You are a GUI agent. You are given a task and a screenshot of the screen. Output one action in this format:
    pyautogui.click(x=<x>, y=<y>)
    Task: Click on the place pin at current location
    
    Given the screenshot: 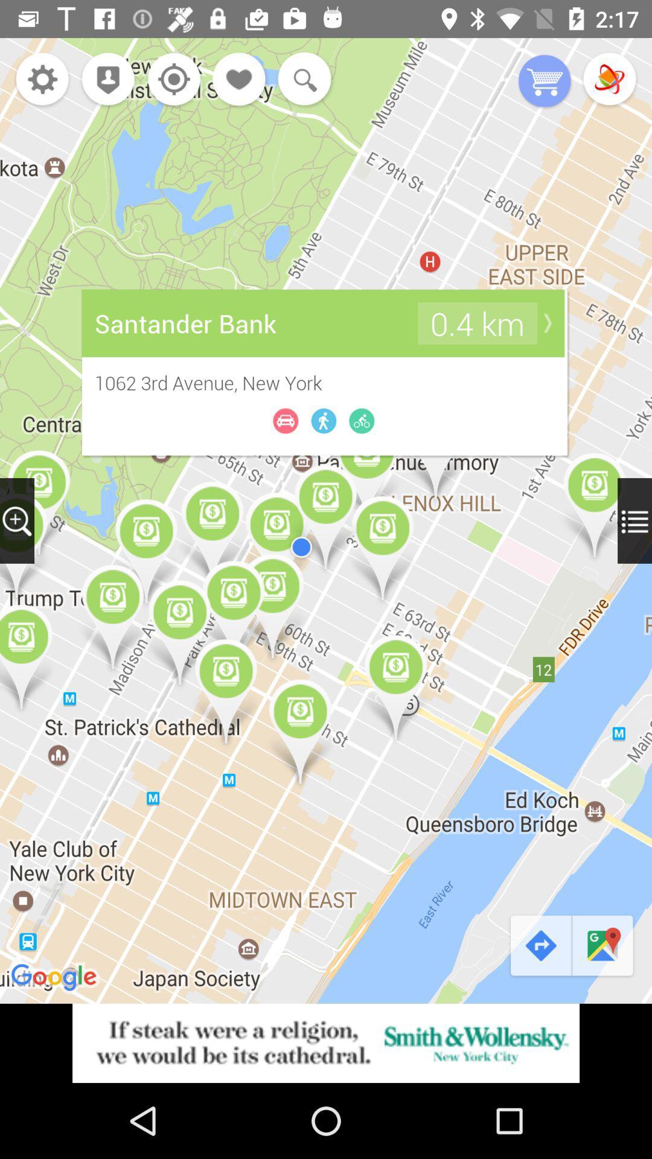 What is the action you would take?
    pyautogui.click(x=104, y=80)
    